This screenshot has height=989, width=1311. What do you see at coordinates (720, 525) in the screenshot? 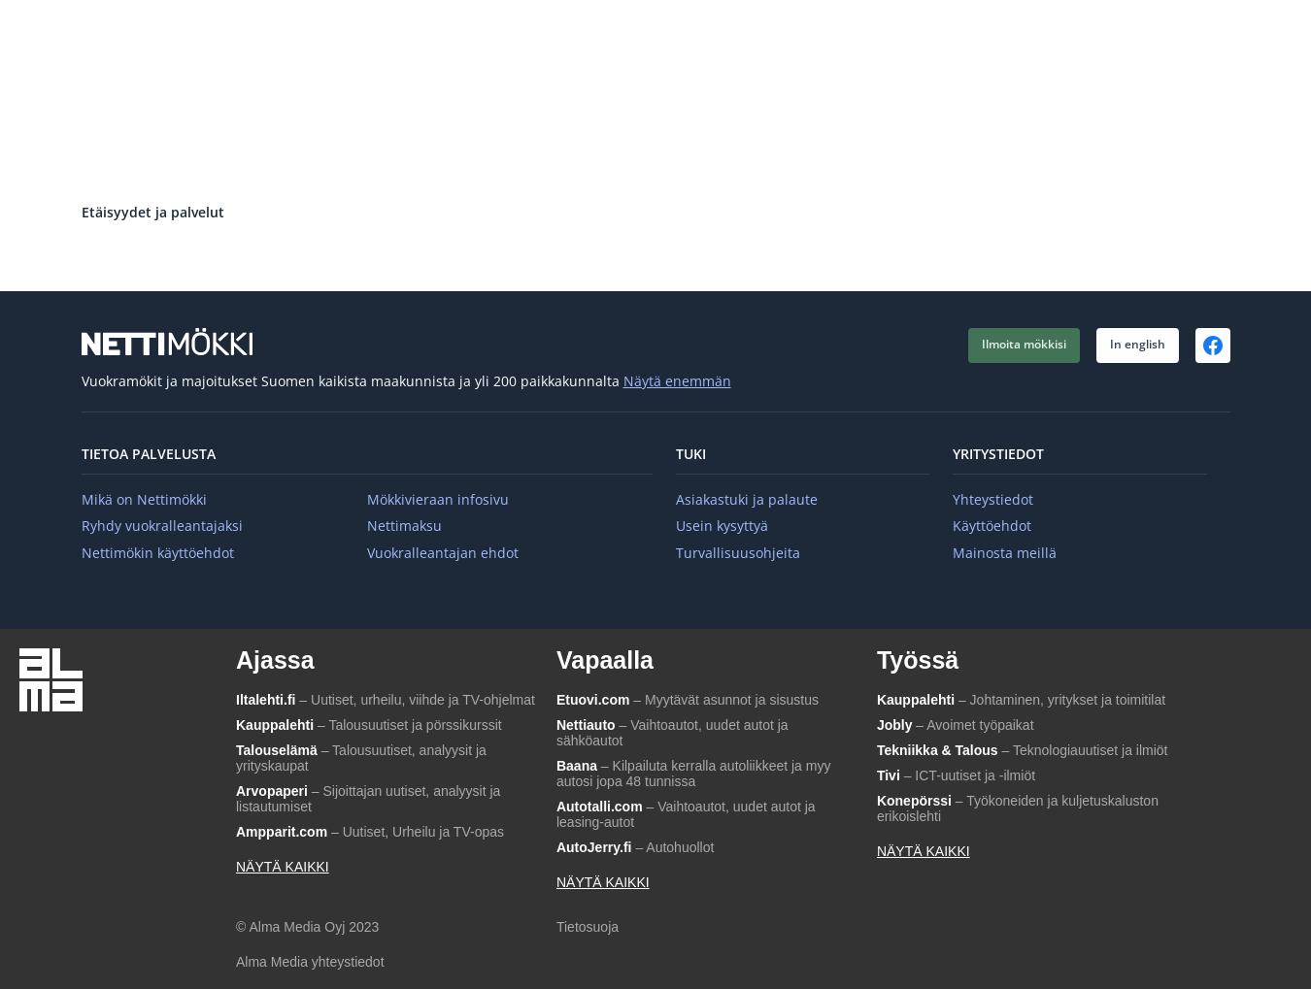
I see `'Usein kysyttyä'` at bounding box center [720, 525].